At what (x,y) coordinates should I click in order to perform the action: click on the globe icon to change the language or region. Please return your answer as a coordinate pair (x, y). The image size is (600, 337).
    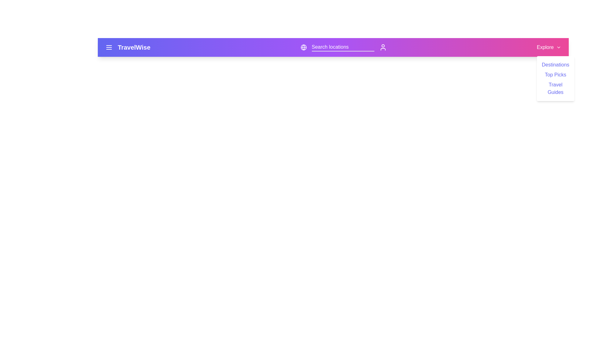
    Looking at the image, I should click on (303, 47).